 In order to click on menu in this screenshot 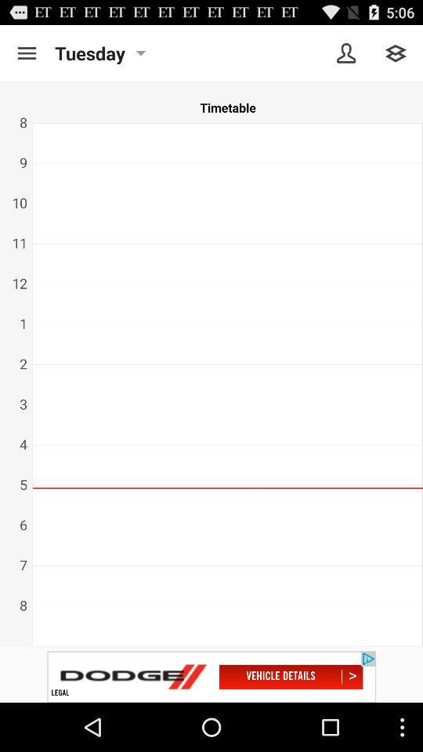, I will do `click(26, 53)`.